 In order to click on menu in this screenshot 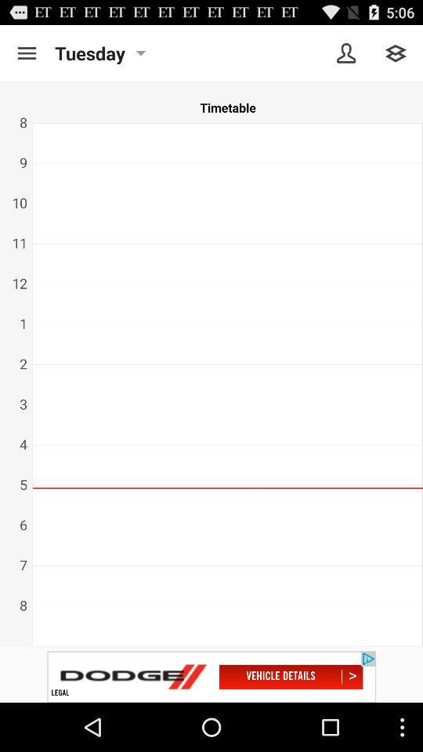, I will do `click(26, 53)`.